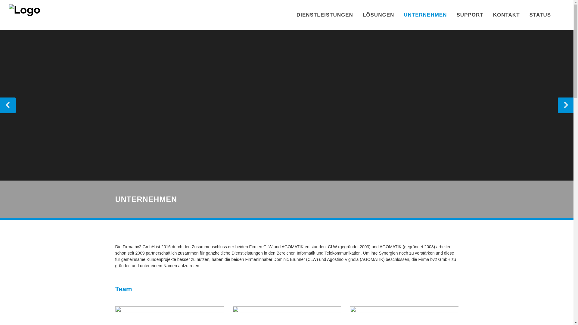 The image size is (578, 325). What do you see at coordinates (524, 15) in the screenshot?
I see `'STATUS'` at bounding box center [524, 15].